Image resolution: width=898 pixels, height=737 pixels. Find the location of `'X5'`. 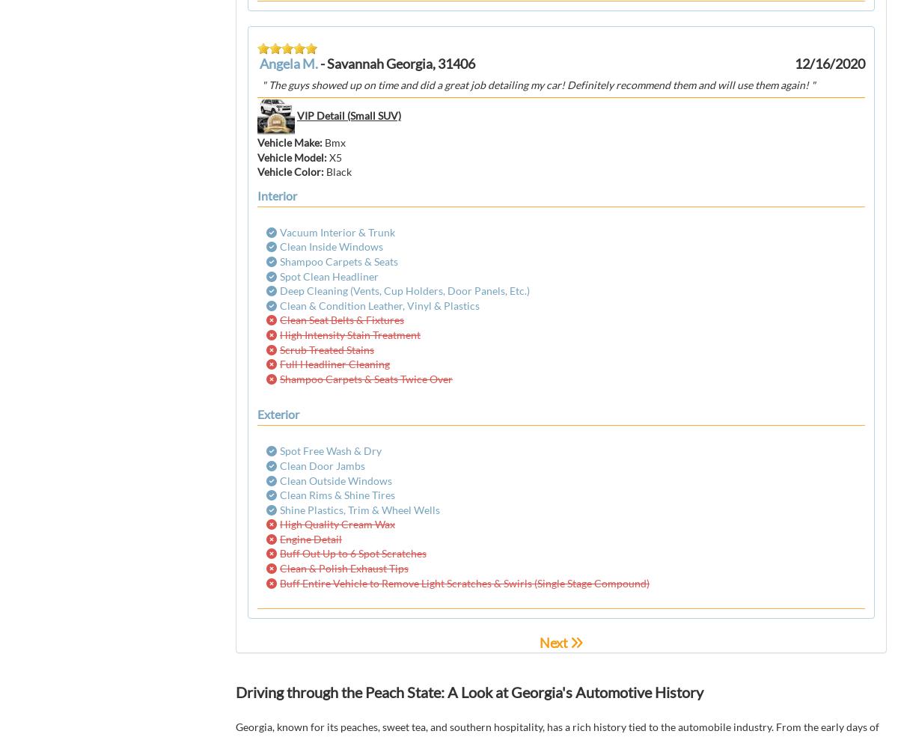

'X5' is located at coordinates (335, 156).